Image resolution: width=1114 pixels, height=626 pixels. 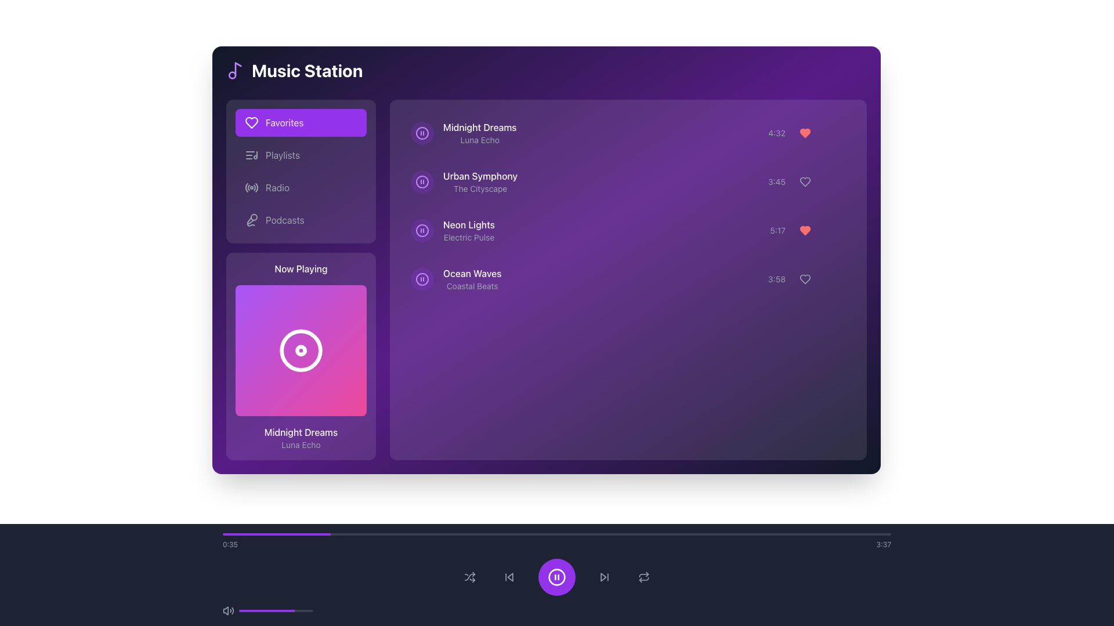 What do you see at coordinates (422, 181) in the screenshot?
I see `the SVG Circle Shape associated with the 'Urban Symphony' media item, which has a stroke outline and is located on the right side of the interface` at bounding box center [422, 181].